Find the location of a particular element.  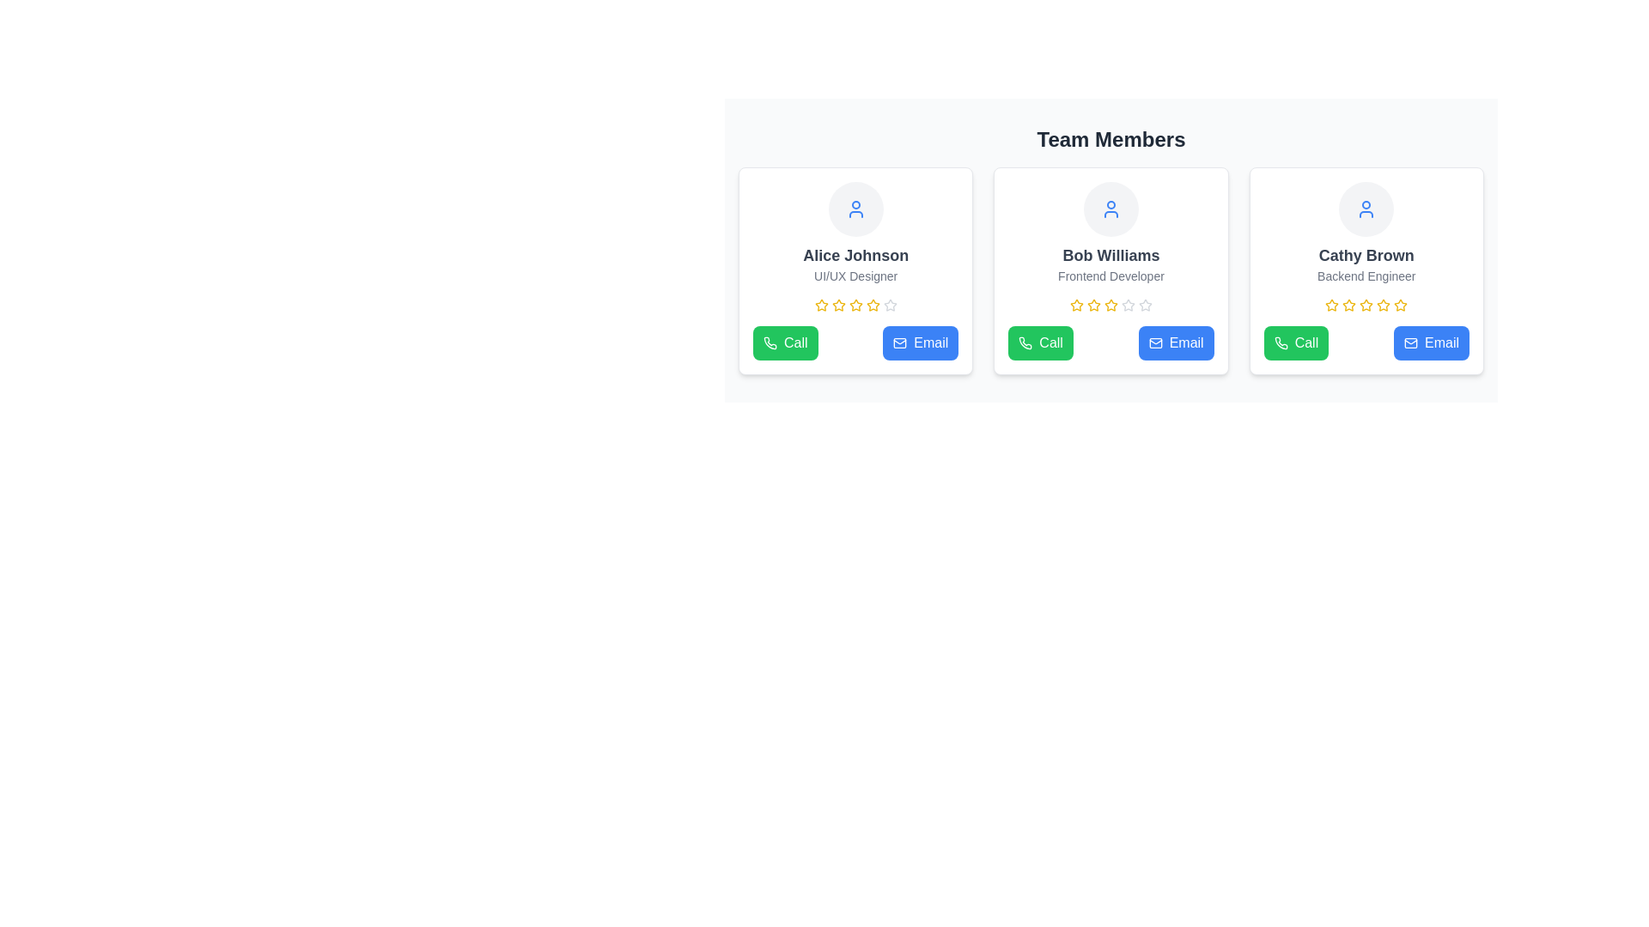

the Profile Icon representing 'Alice Johnson' located in the first card of the team member list is located at coordinates (855, 208).